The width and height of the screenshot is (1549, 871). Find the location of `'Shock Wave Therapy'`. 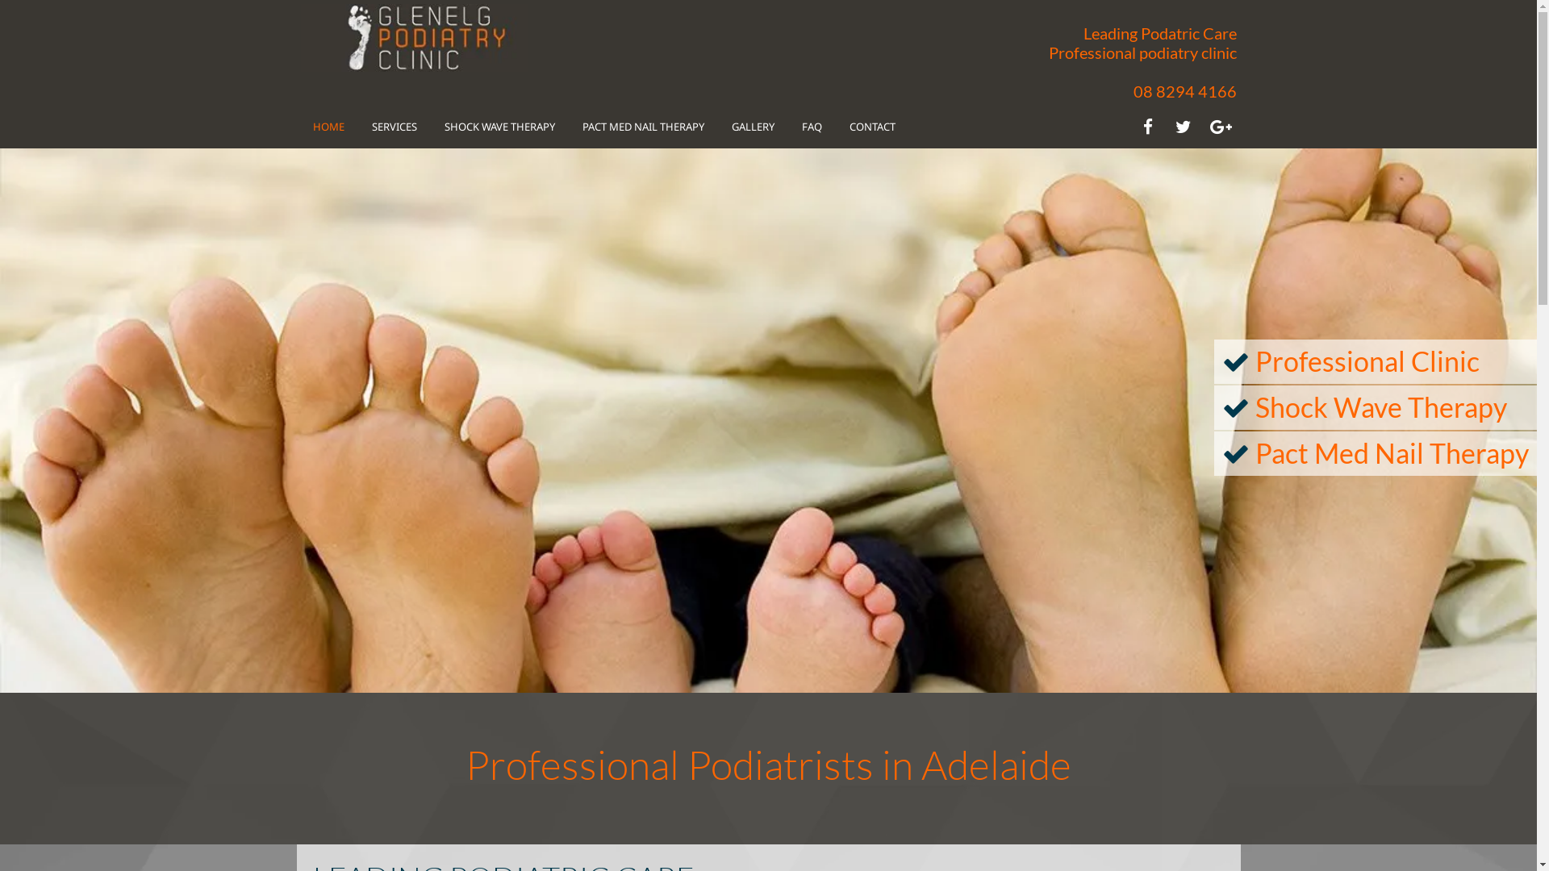

'Shock Wave Therapy' is located at coordinates (1380, 406).